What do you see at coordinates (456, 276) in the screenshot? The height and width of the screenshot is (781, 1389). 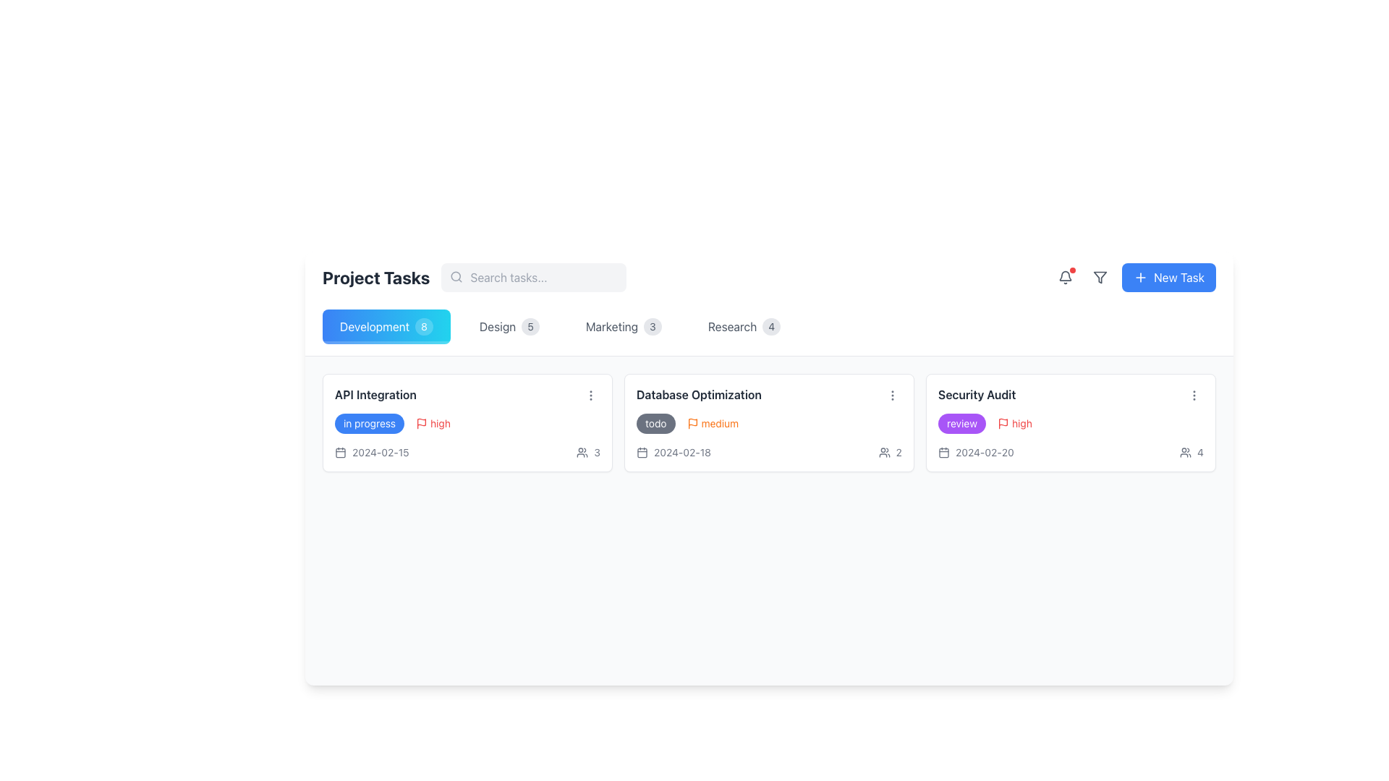 I see `the gray magnifying glass icon located to the left of the search bar text input field` at bounding box center [456, 276].